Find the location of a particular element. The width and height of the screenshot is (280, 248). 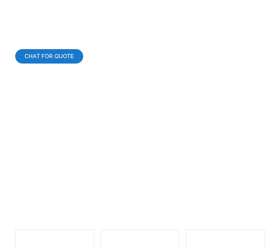

'24/7 Customer Support' is located at coordinates (186, 187).